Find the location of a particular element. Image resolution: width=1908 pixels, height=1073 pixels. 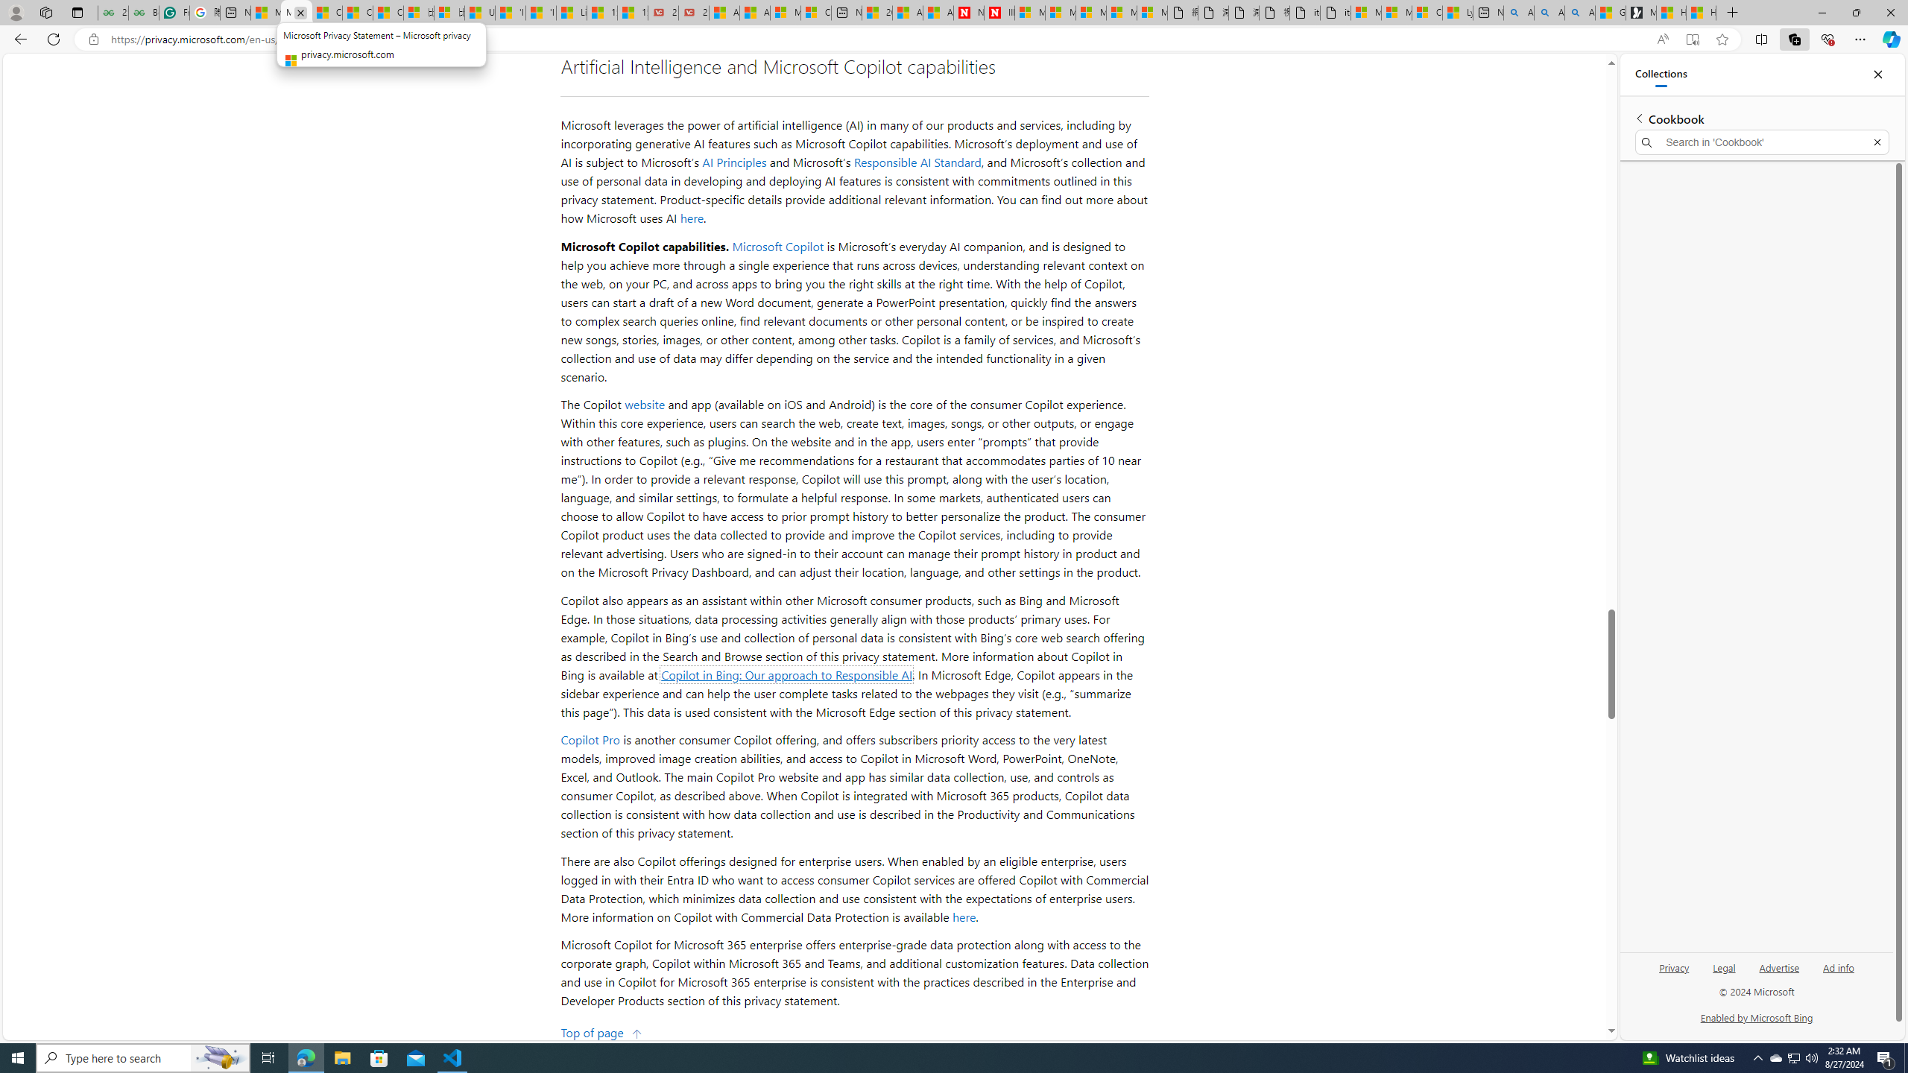

'itconcepthk.com/projector_solutions.mp4' is located at coordinates (1335, 12).